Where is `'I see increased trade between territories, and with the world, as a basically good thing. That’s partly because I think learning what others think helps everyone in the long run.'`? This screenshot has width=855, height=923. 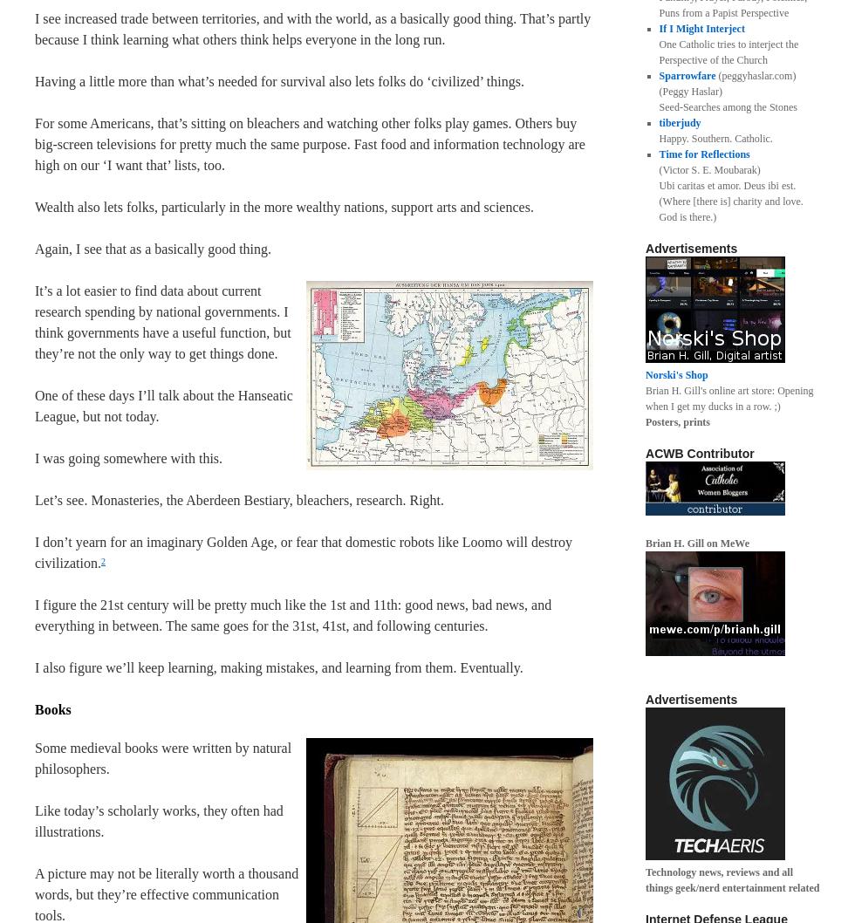 'I see increased trade between territories, and with the world, as a basically good thing. That’s partly because I think learning what others think helps everyone in the long run.' is located at coordinates (312, 29).